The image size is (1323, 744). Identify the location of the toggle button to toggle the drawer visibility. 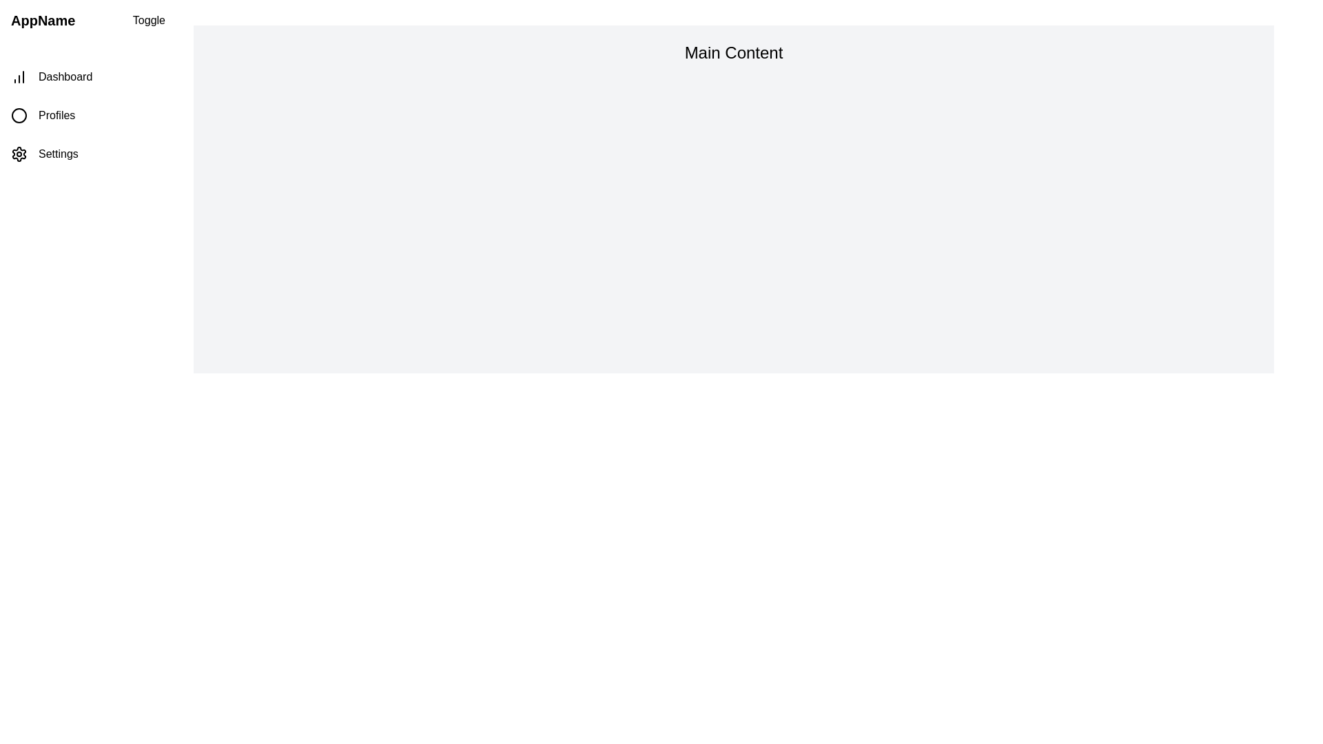
(149, 21).